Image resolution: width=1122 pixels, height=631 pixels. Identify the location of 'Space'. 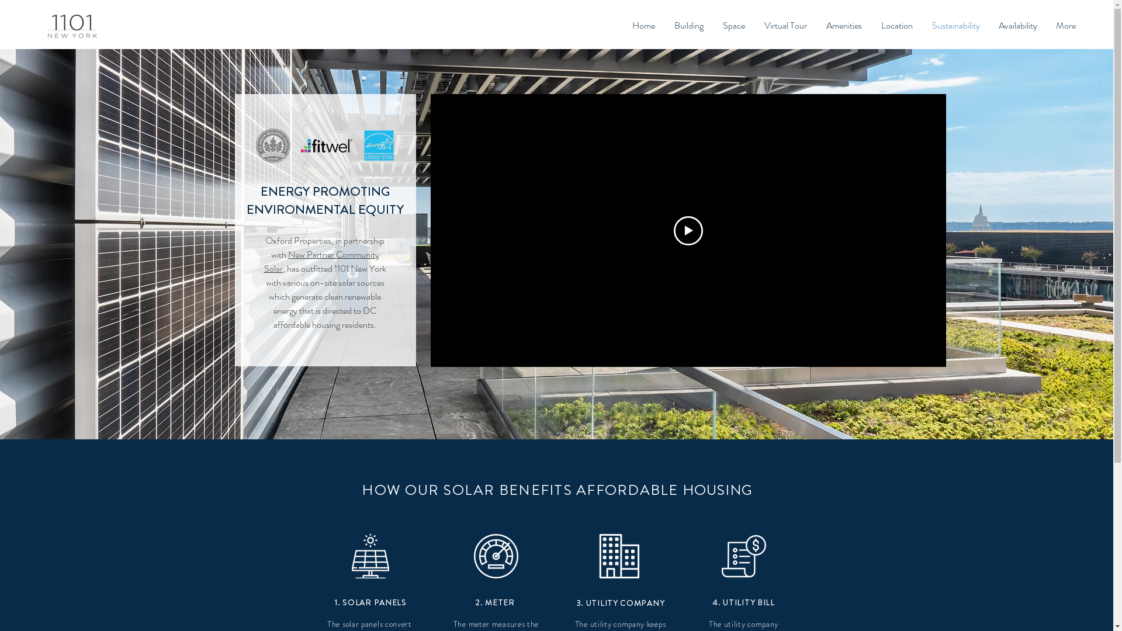
(733, 25).